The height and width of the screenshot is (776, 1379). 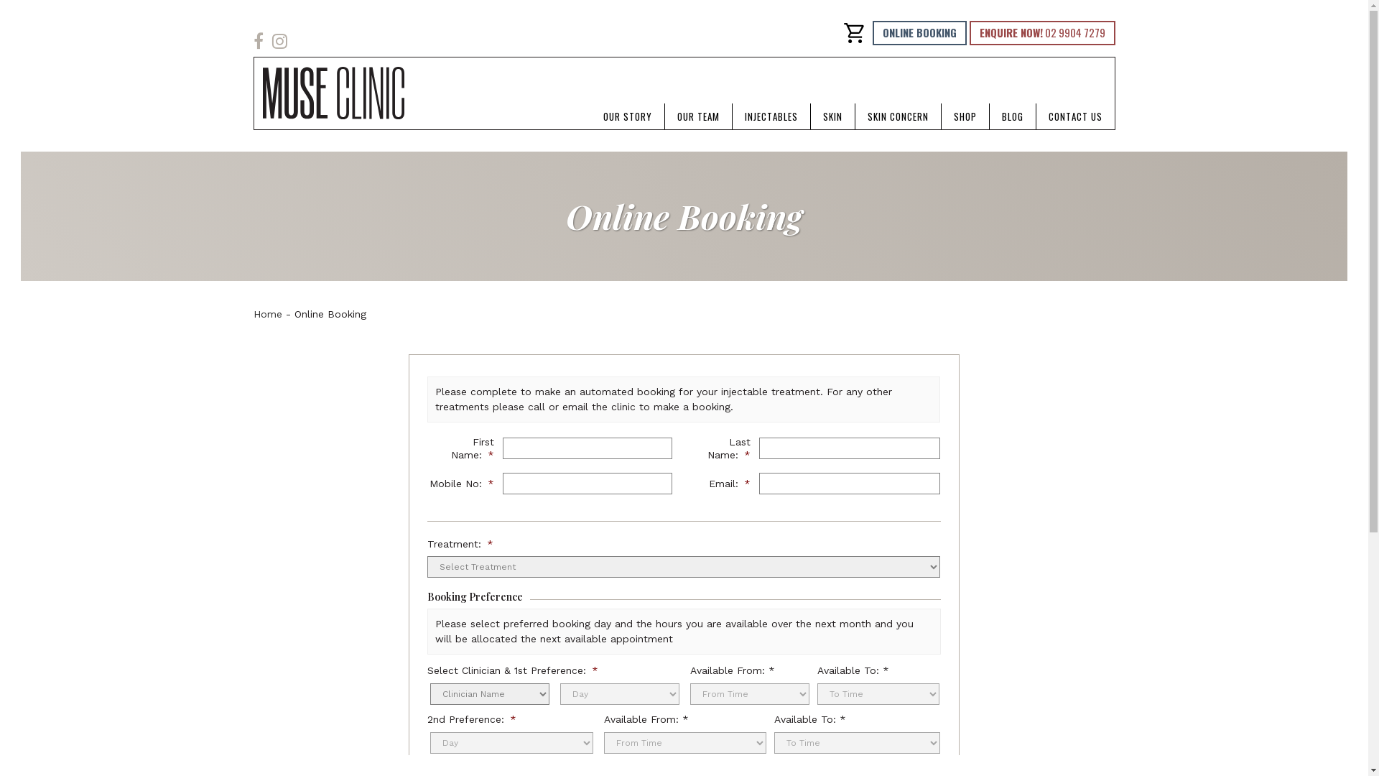 What do you see at coordinates (918, 32) in the screenshot?
I see `'ONLINE BOOKING'` at bounding box center [918, 32].